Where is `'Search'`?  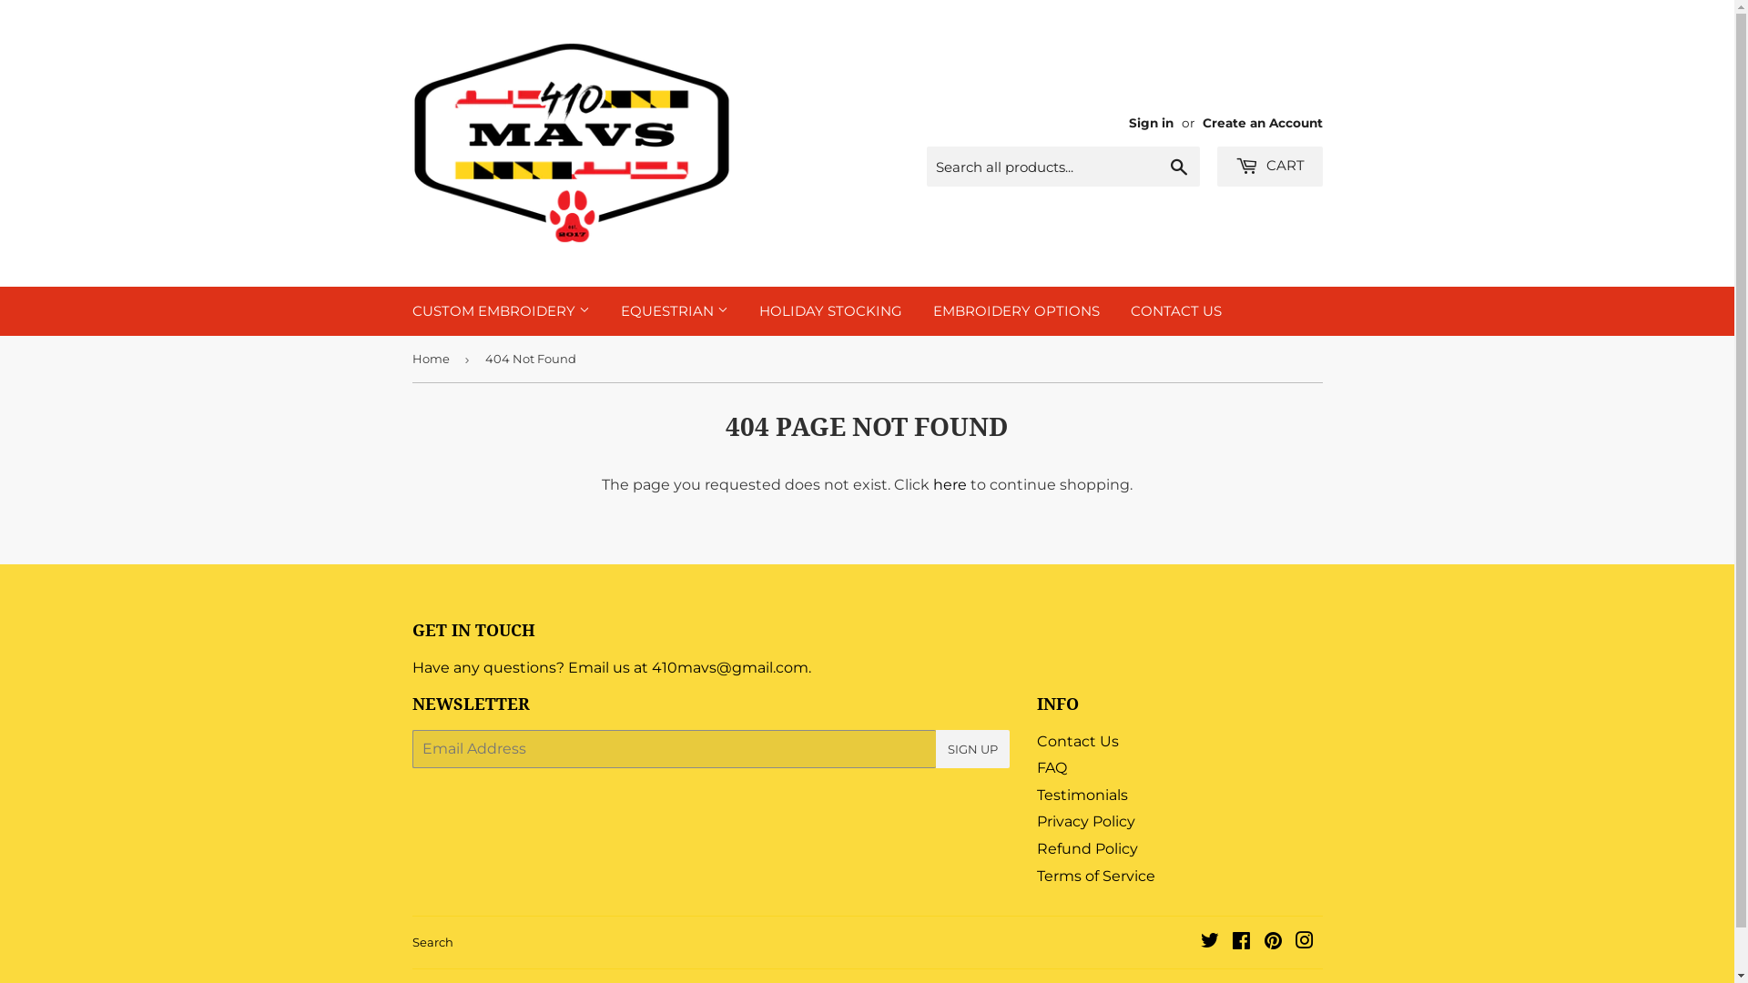
'Search' is located at coordinates (431, 941).